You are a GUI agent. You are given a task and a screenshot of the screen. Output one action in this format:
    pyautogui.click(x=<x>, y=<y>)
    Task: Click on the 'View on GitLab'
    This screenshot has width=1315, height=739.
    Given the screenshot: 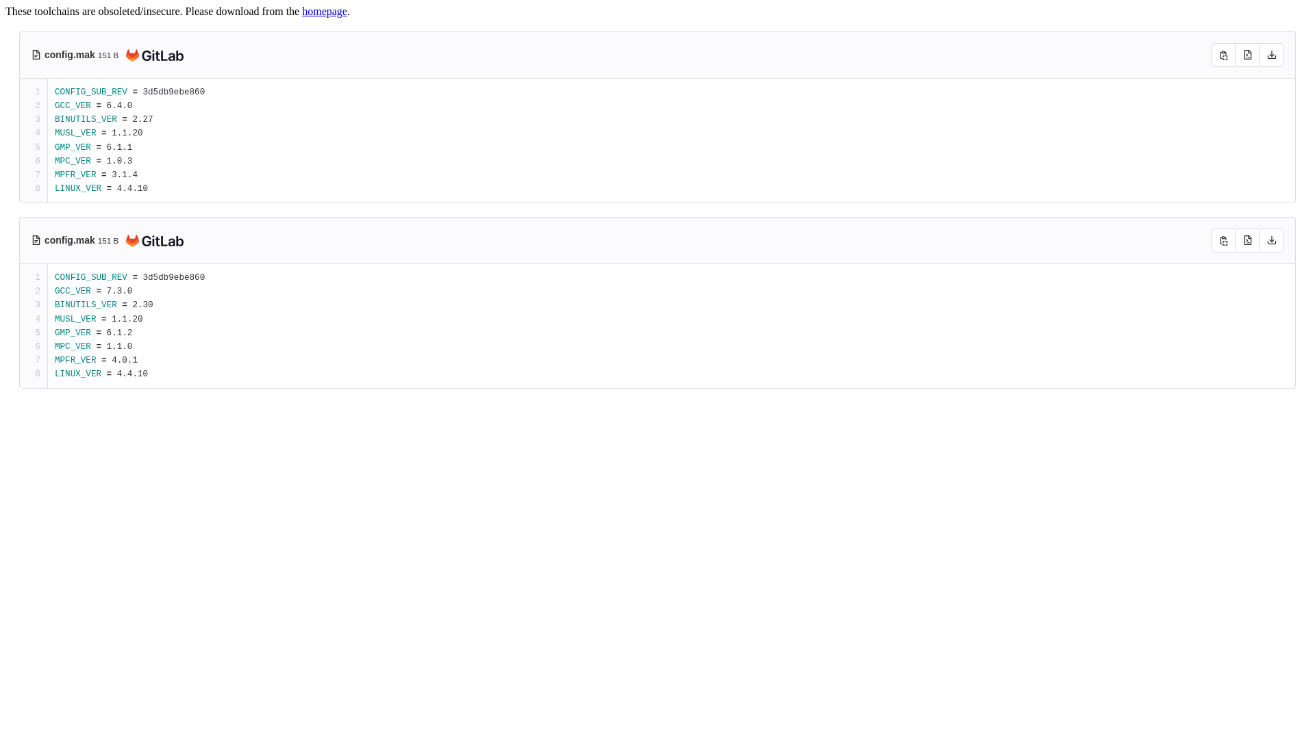 What is the action you would take?
    pyautogui.click(x=151, y=55)
    